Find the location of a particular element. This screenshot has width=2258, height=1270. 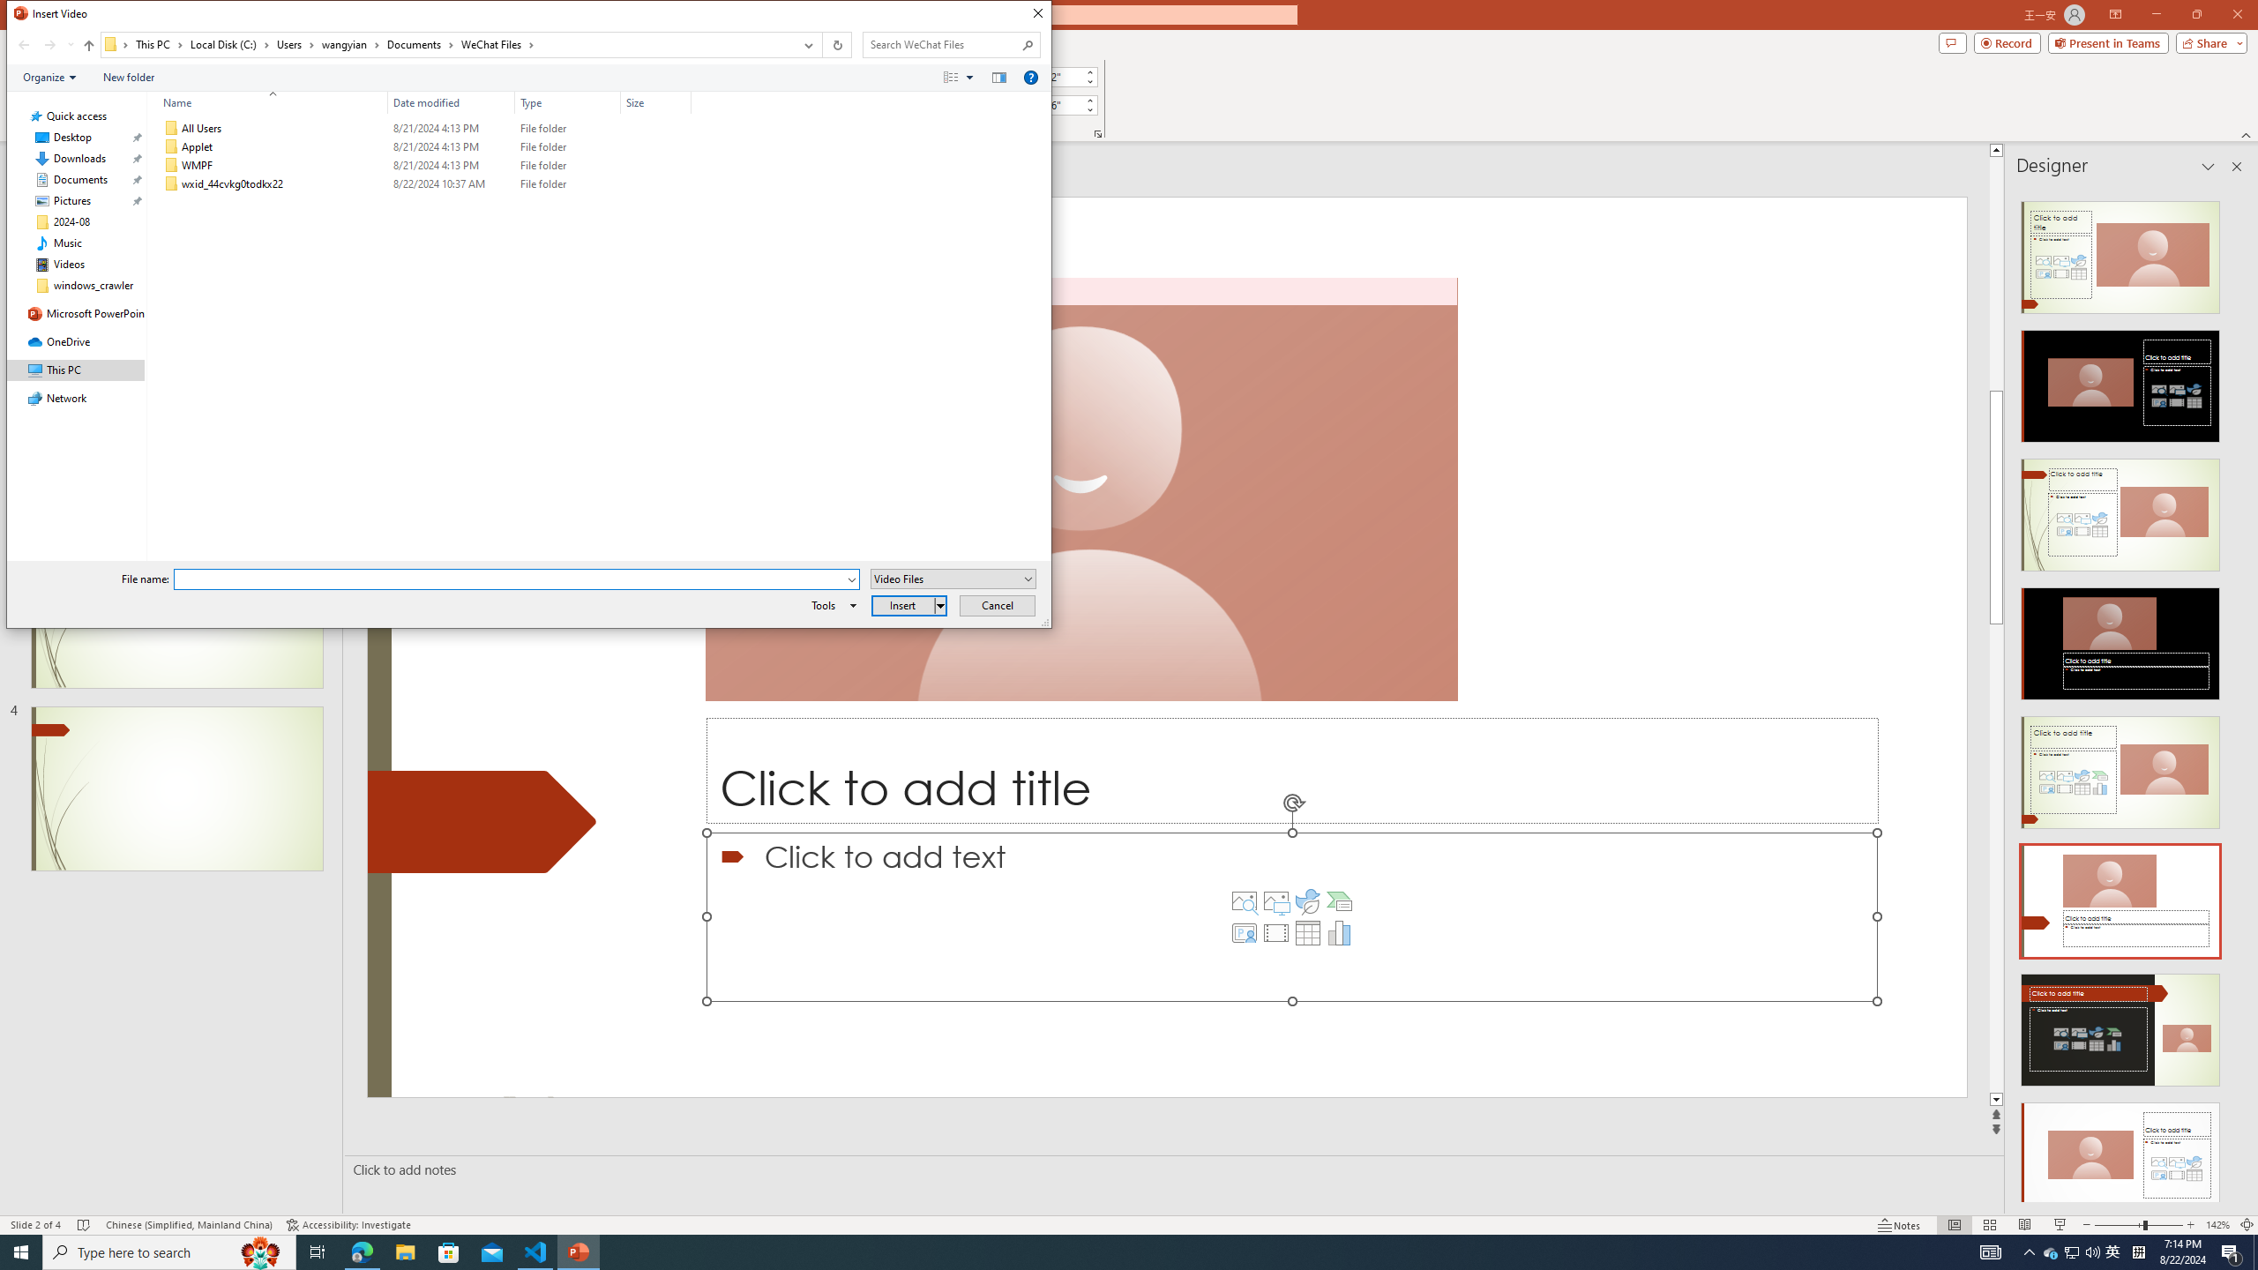

'File Explorer' is located at coordinates (404, 1251).